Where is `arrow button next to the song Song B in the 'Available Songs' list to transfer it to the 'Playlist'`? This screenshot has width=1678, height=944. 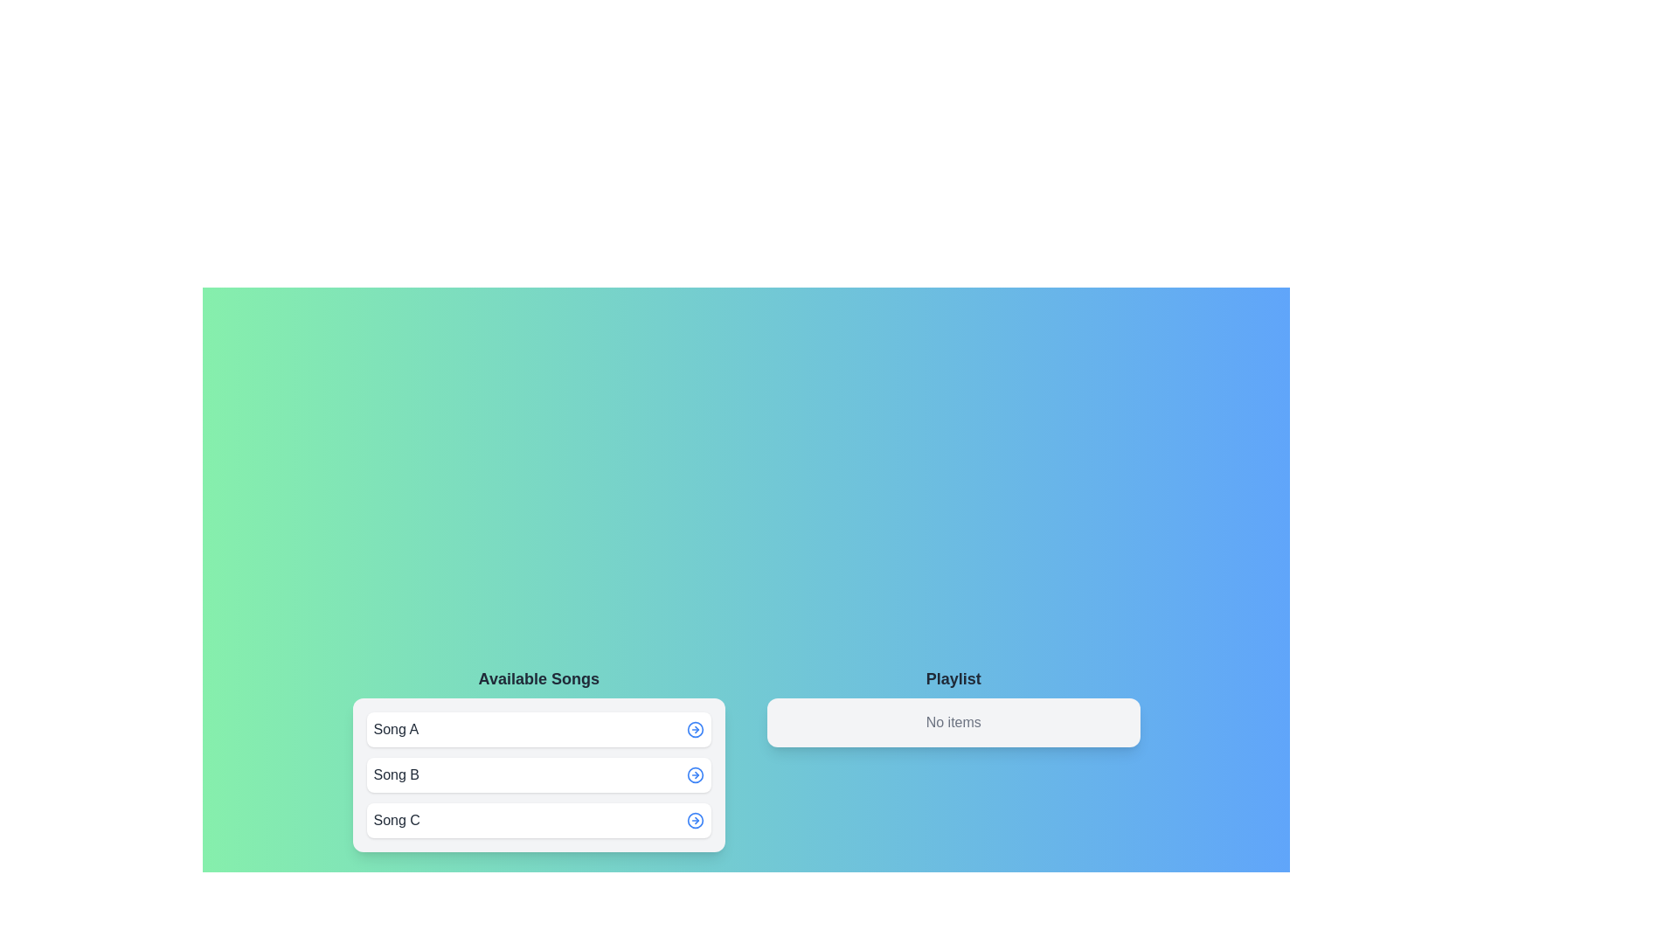
arrow button next to the song Song B in the 'Available Songs' list to transfer it to the 'Playlist' is located at coordinates (695, 774).